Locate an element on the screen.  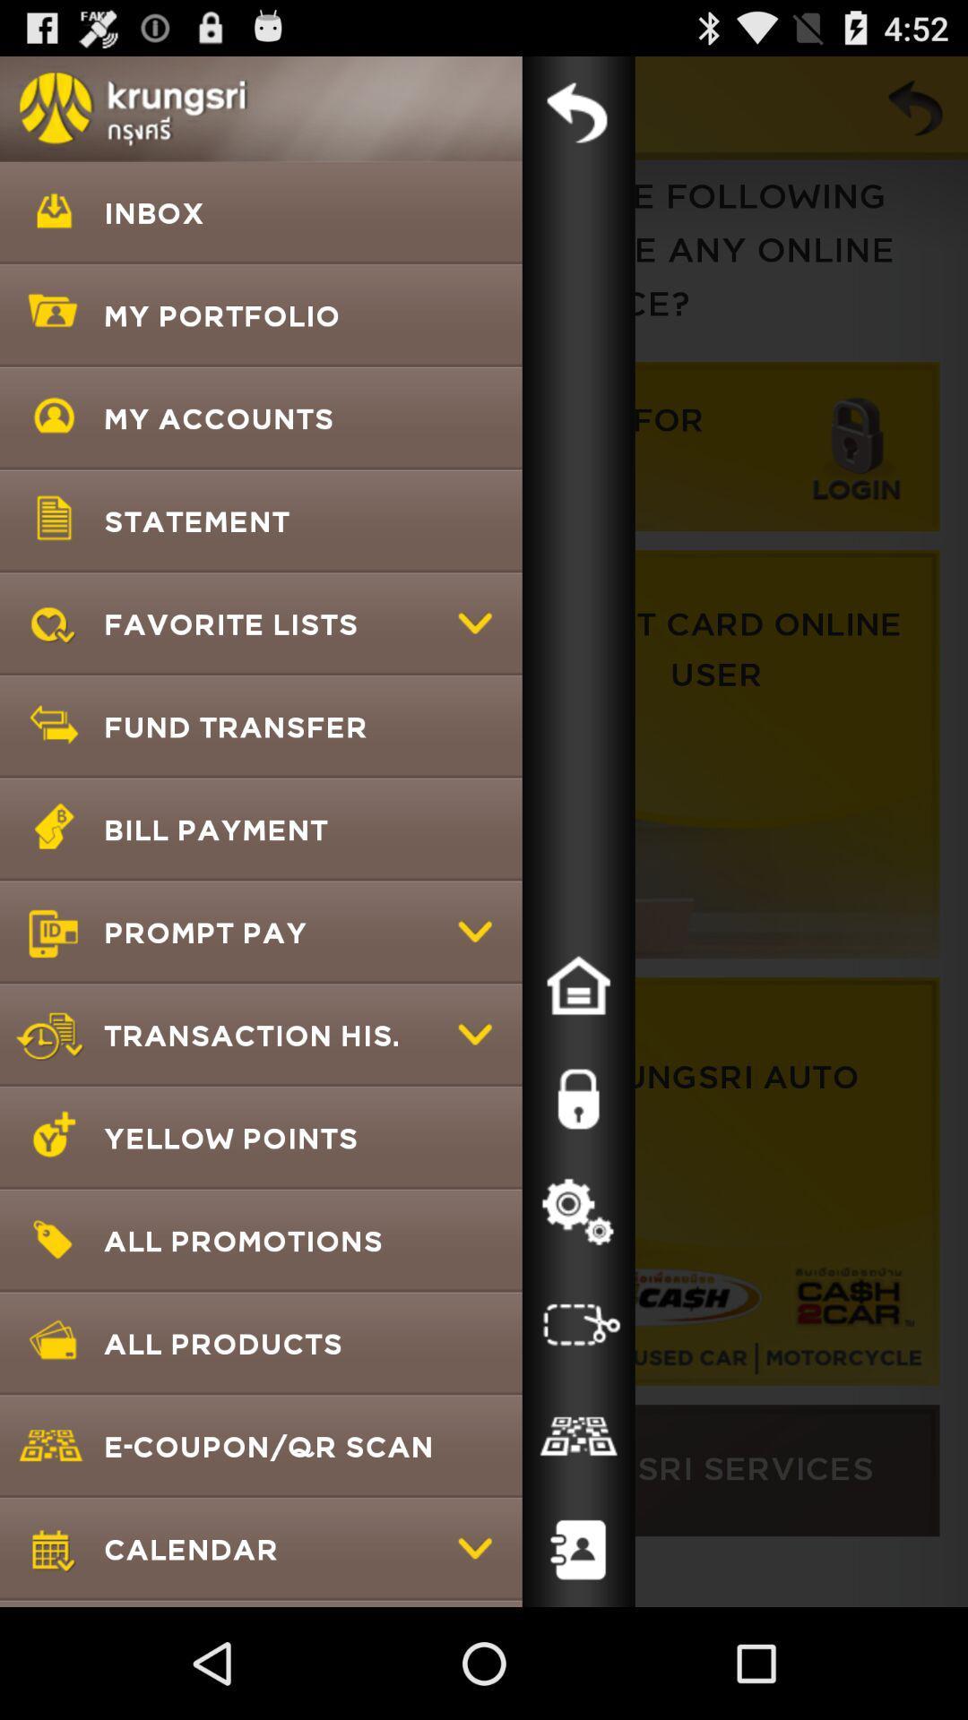
home page is located at coordinates (578, 985).